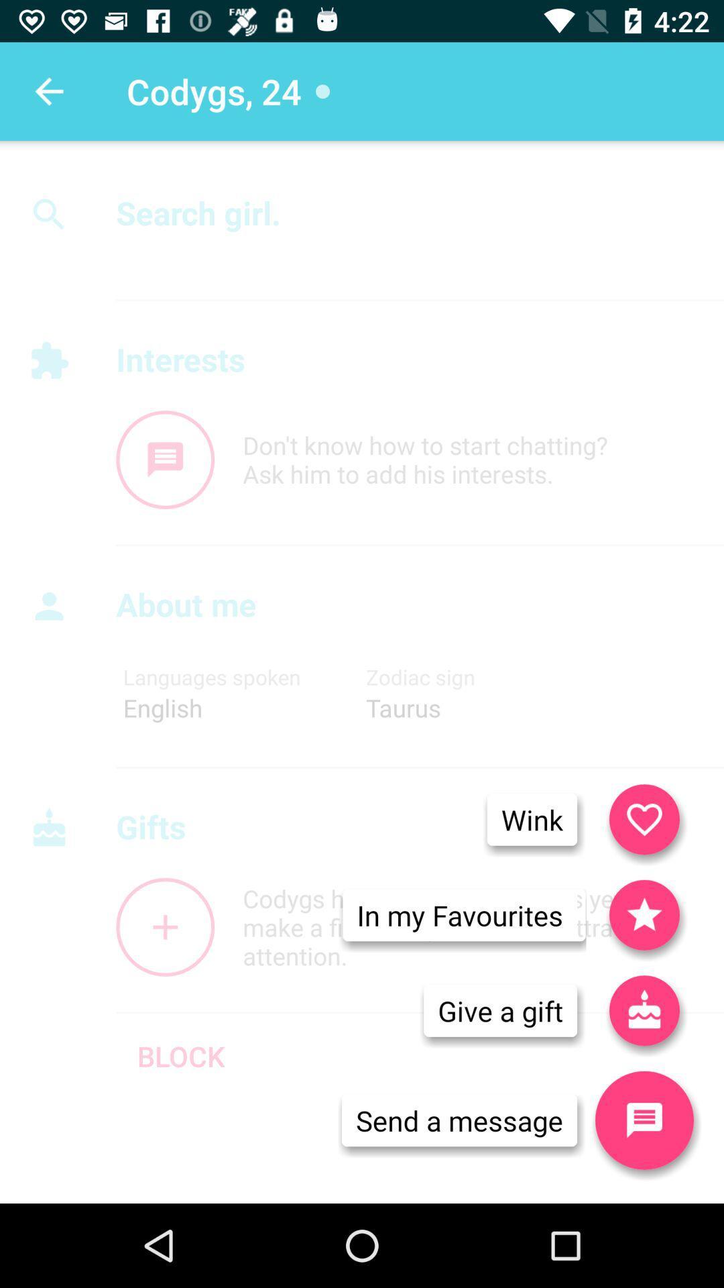  I want to click on item next to codygs, 24 item, so click(48, 91).